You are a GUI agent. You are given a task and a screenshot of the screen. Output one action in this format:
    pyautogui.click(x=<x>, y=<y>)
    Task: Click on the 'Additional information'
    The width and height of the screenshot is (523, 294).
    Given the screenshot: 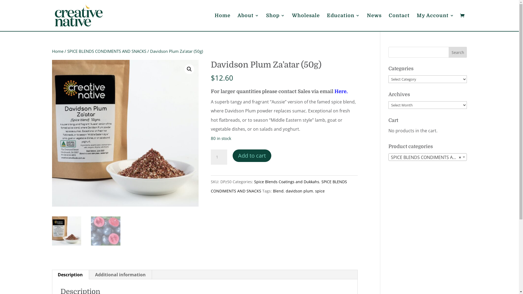 What is the action you would take?
    pyautogui.click(x=120, y=275)
    